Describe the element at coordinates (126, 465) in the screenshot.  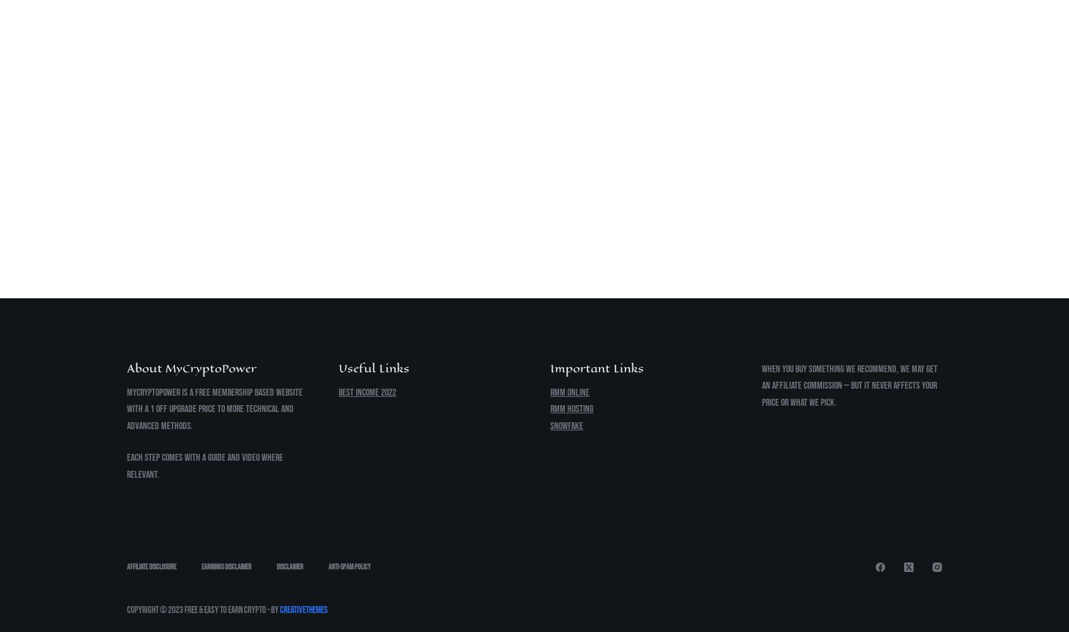
I see `'Each step comes with a guide and video where relevant.'` at that location.